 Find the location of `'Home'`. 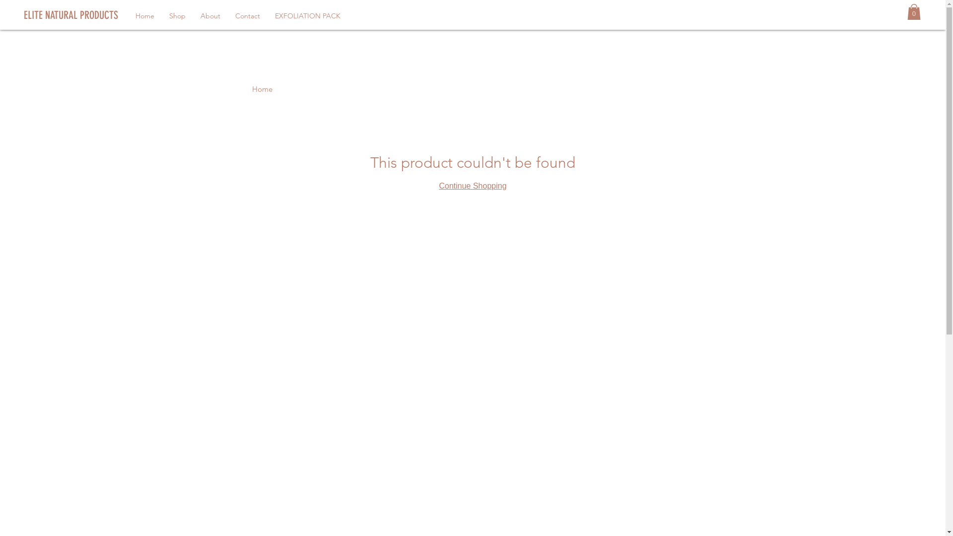

'Home' is located at coordinates (144, 15).